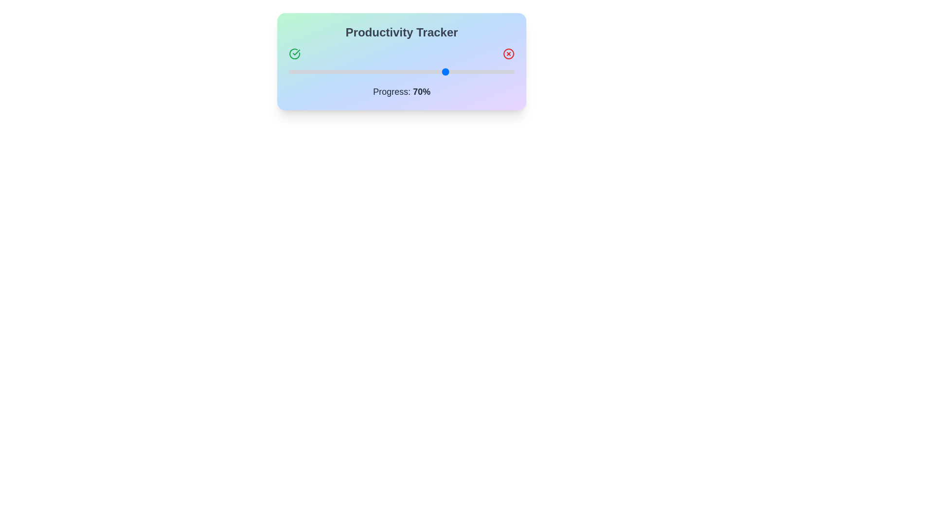 This screenshot has height=525, width=934. Describe the element at coordinates (401, 32) in the screenshot. I see `the title text at the top center of the rounded rectangular card that indicates the purpose of tracking productivity` at that location.